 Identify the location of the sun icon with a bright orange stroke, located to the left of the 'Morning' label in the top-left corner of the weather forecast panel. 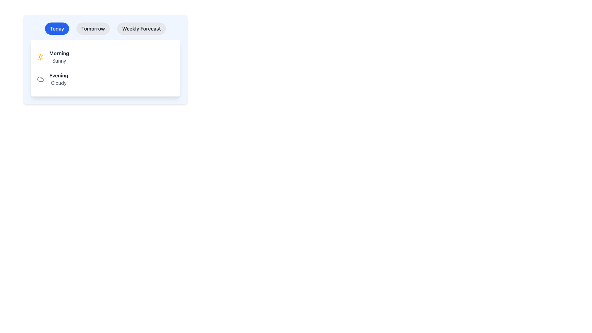
(40, 57).